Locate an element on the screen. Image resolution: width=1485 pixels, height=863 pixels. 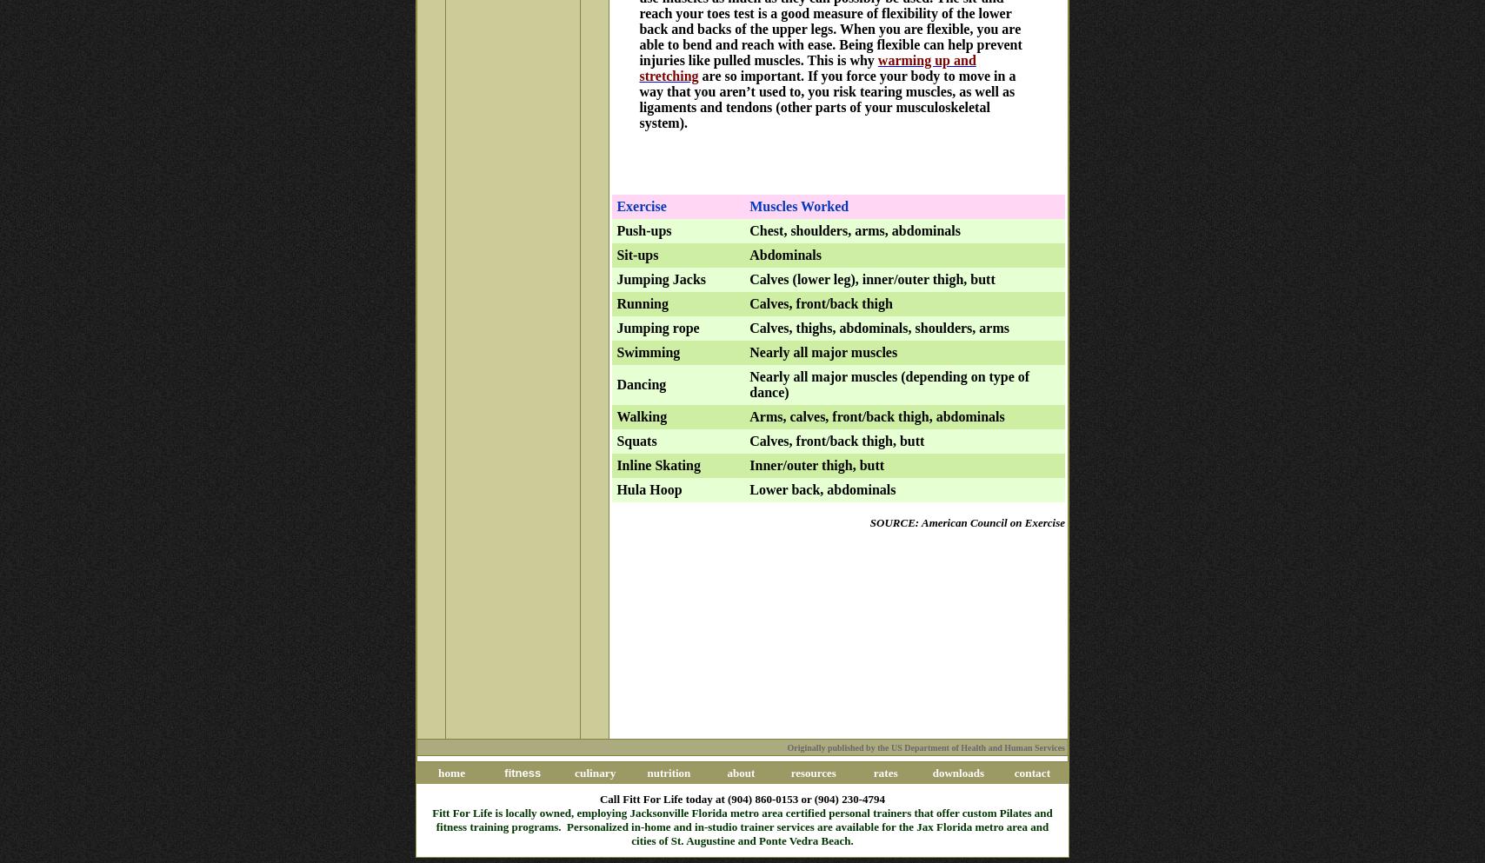
'rates' is located at coordinates (884, 772).